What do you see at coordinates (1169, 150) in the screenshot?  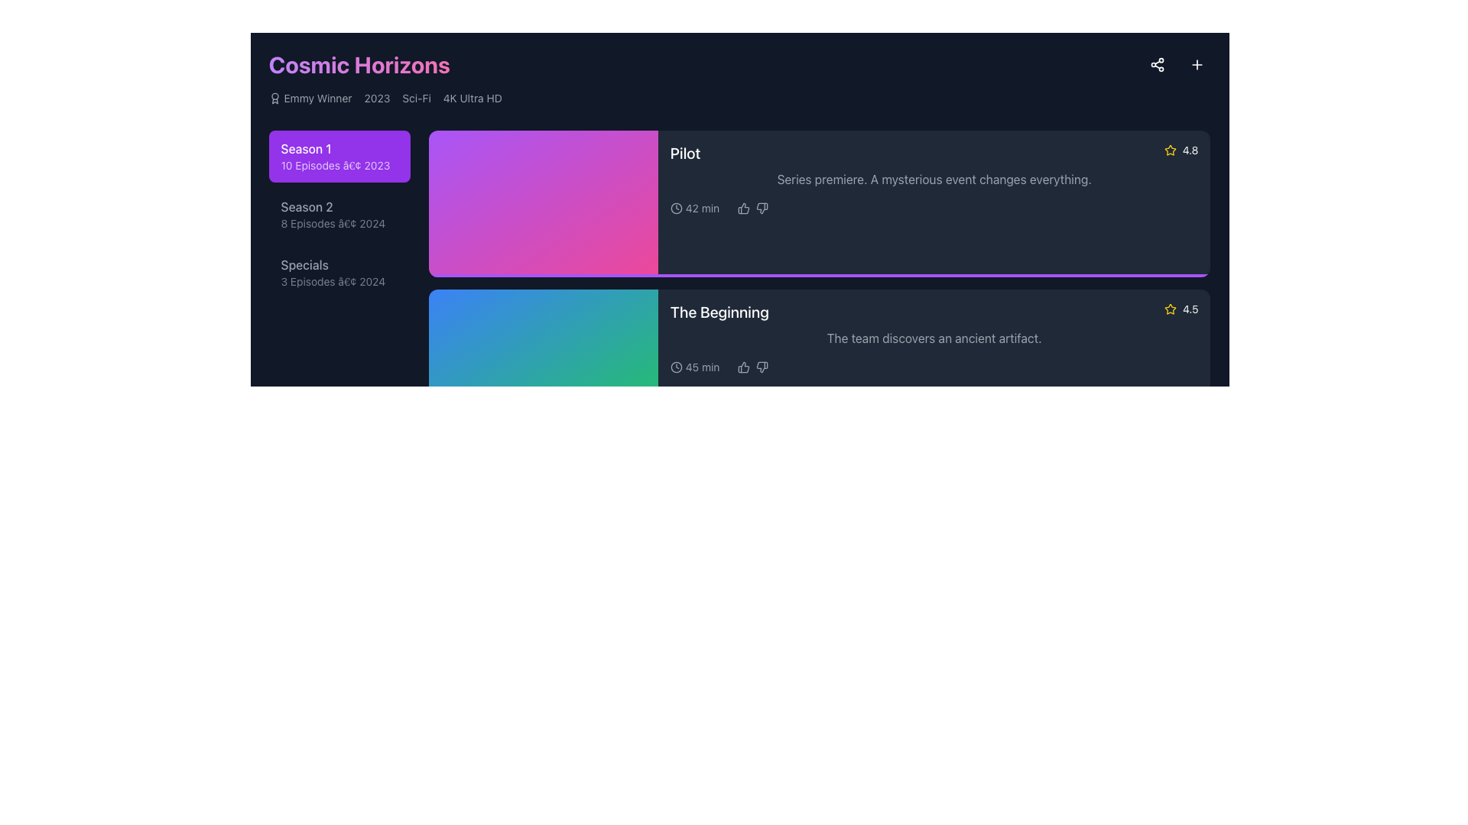 I see `the Rating icon (star) located in the upper-right corner of the card for the episode 'Pilot'` at bounding box center [1169, 150].